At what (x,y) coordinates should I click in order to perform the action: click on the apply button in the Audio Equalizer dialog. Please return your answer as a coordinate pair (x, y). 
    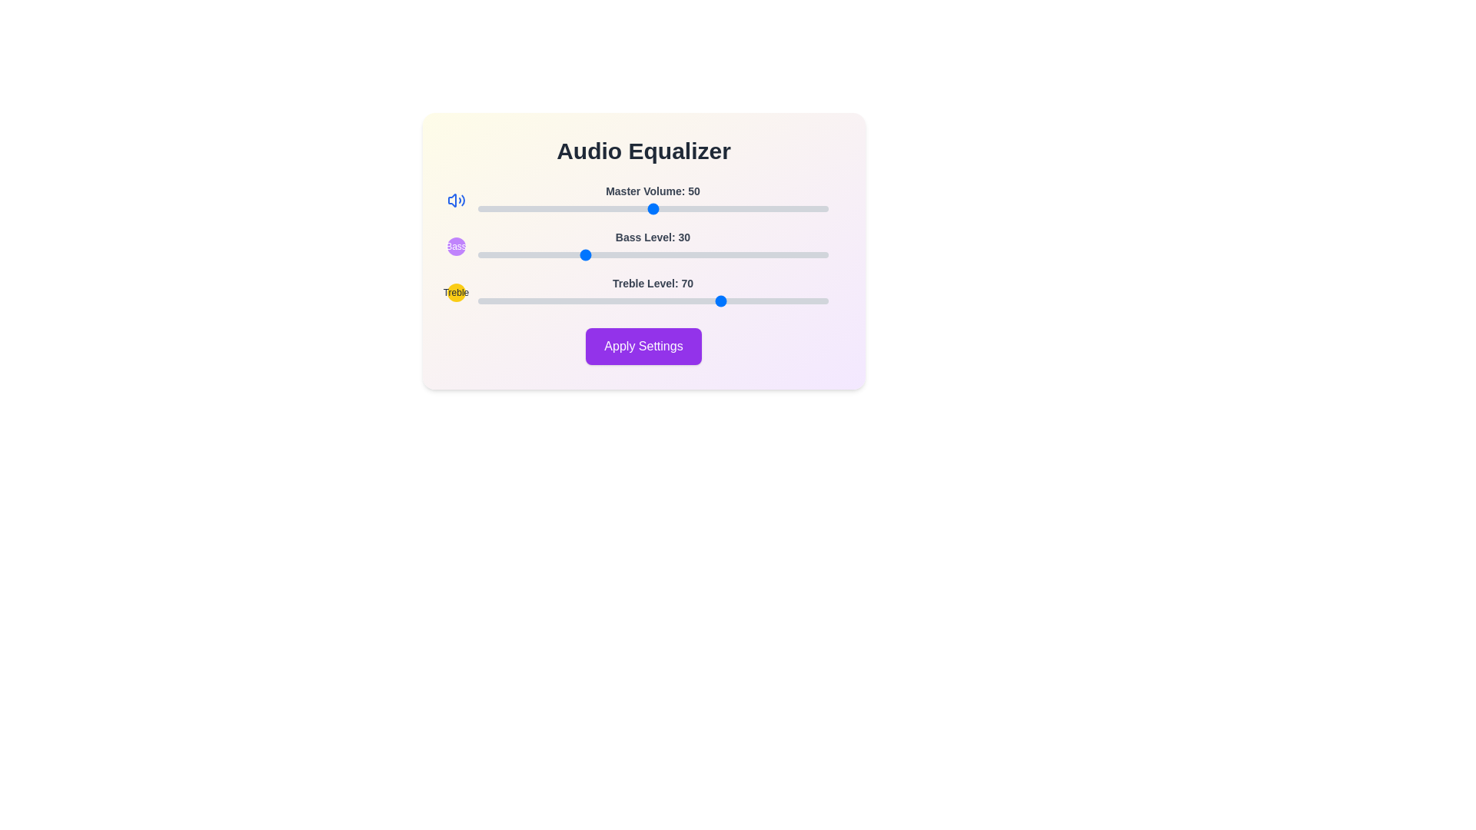
    Looking at the image, I should click on (643, 347).